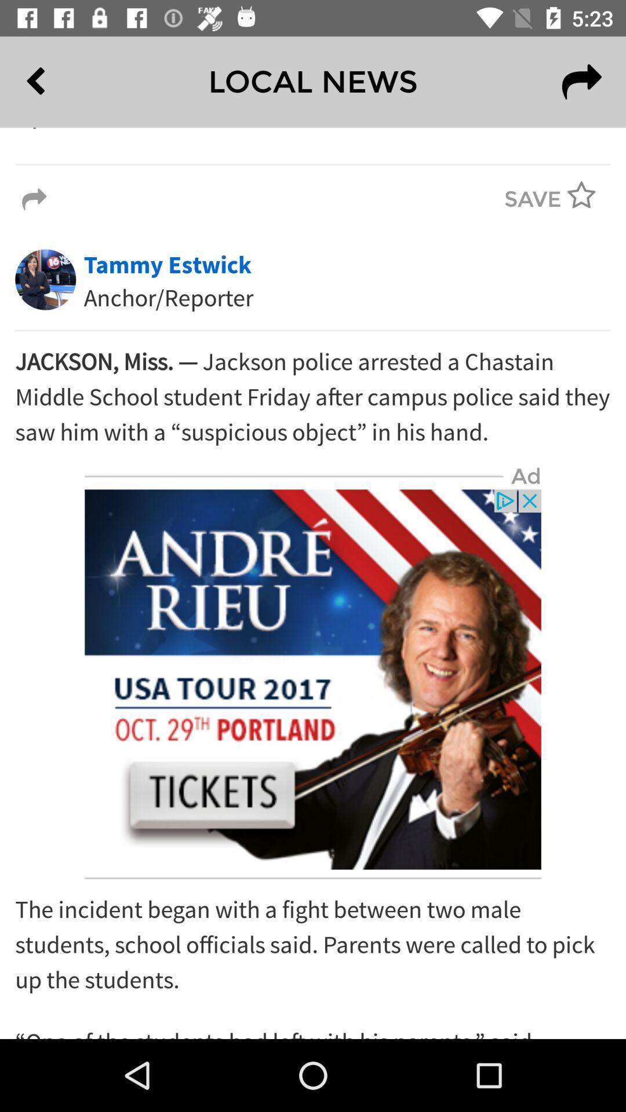 The height and width of the screenshot is (1112, 626). I want to click on the image left to tammy estwick, so click(45, 280).